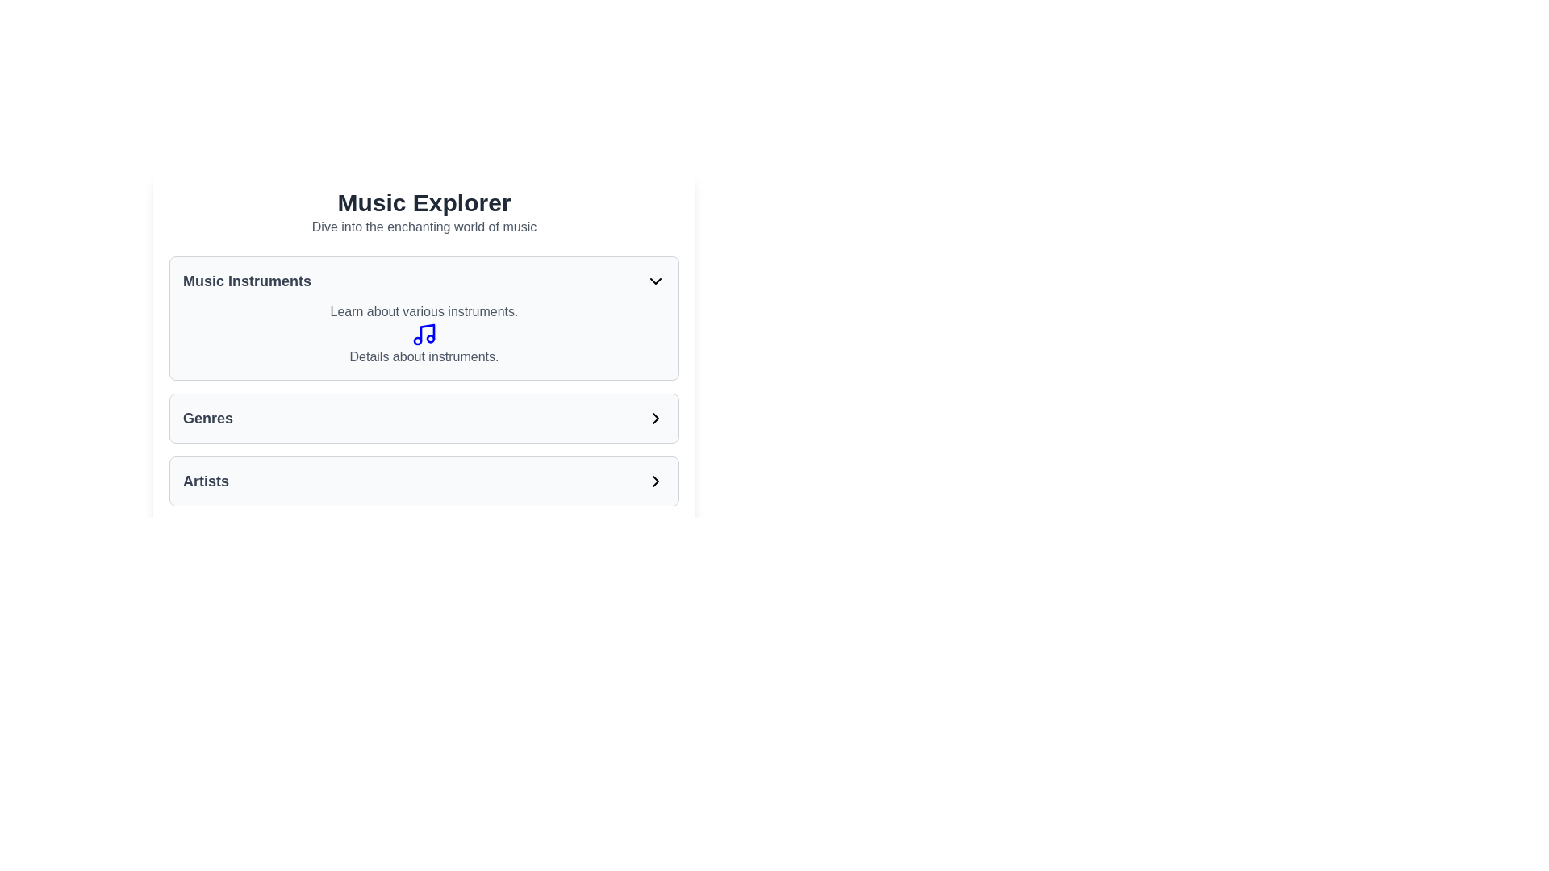  What do you see at coordinates (655, 481) in the screenshot?
I see `the right-pointing chevron icon, which is styled with sharp edges and black color, located within the 'Artists' button component` at bounding box center [655, 481].